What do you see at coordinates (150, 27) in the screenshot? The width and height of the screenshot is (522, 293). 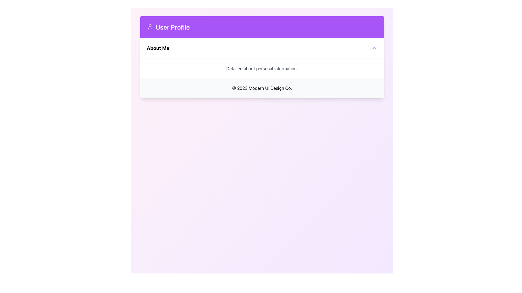 I see `the user profile icon located at the top-left area of the interface, next to the 'User Profile' text` at bounding box center [150, 27].